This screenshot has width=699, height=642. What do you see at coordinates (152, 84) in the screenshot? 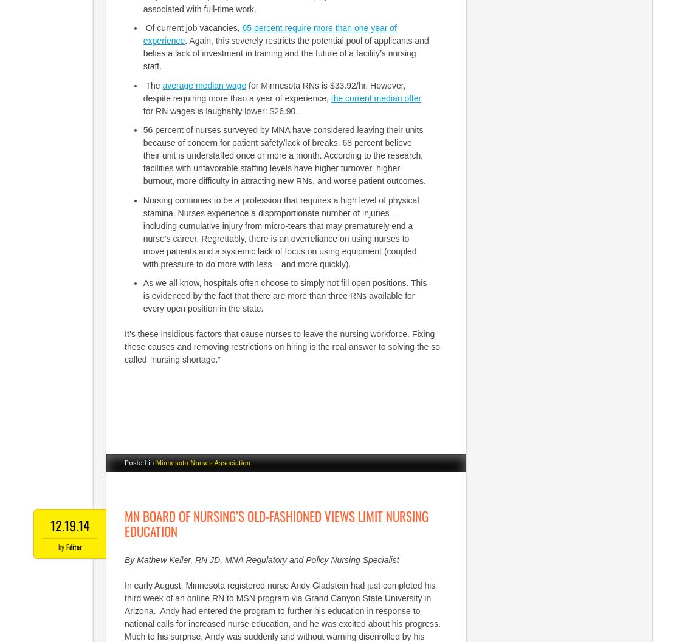
I see `'The'` at bounding box center [152, 84].